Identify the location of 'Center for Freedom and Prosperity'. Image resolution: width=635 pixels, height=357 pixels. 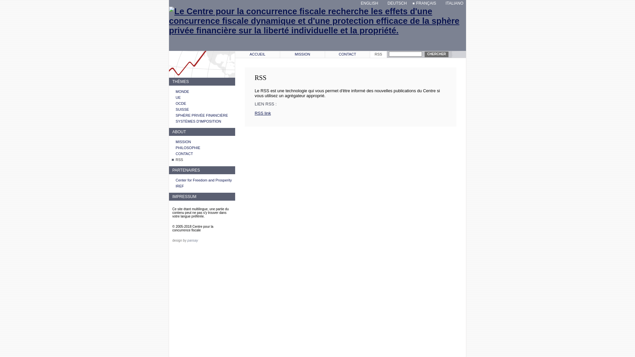
(203, 180).